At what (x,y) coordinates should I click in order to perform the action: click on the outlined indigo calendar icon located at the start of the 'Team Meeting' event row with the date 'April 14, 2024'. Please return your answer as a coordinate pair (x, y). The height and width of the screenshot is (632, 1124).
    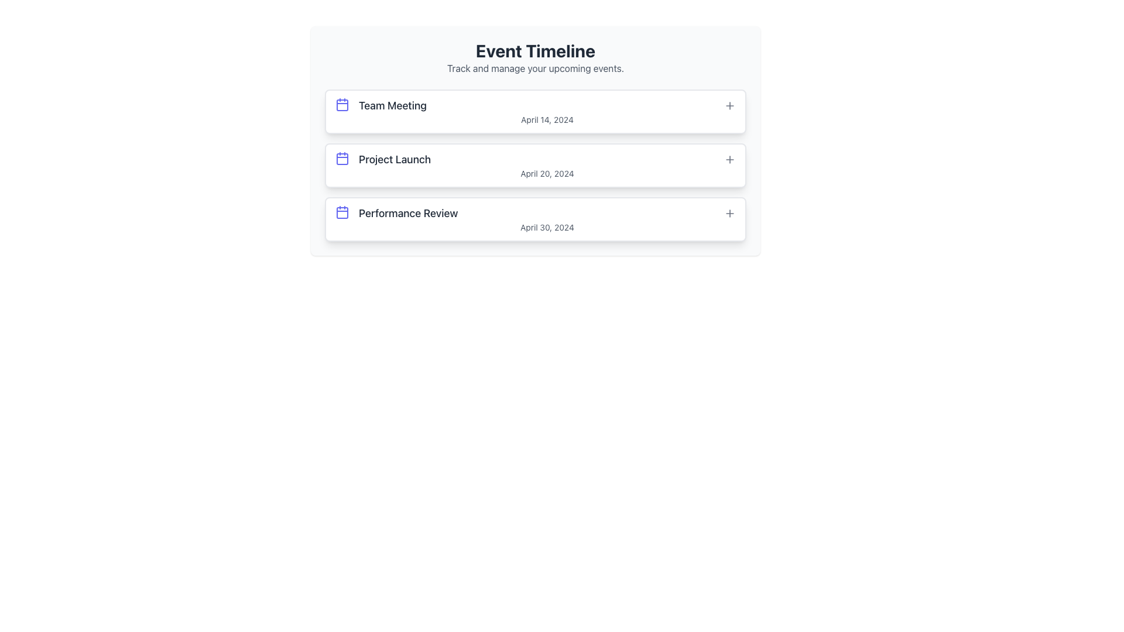
    Looking at the image, I should click on (342, 104).